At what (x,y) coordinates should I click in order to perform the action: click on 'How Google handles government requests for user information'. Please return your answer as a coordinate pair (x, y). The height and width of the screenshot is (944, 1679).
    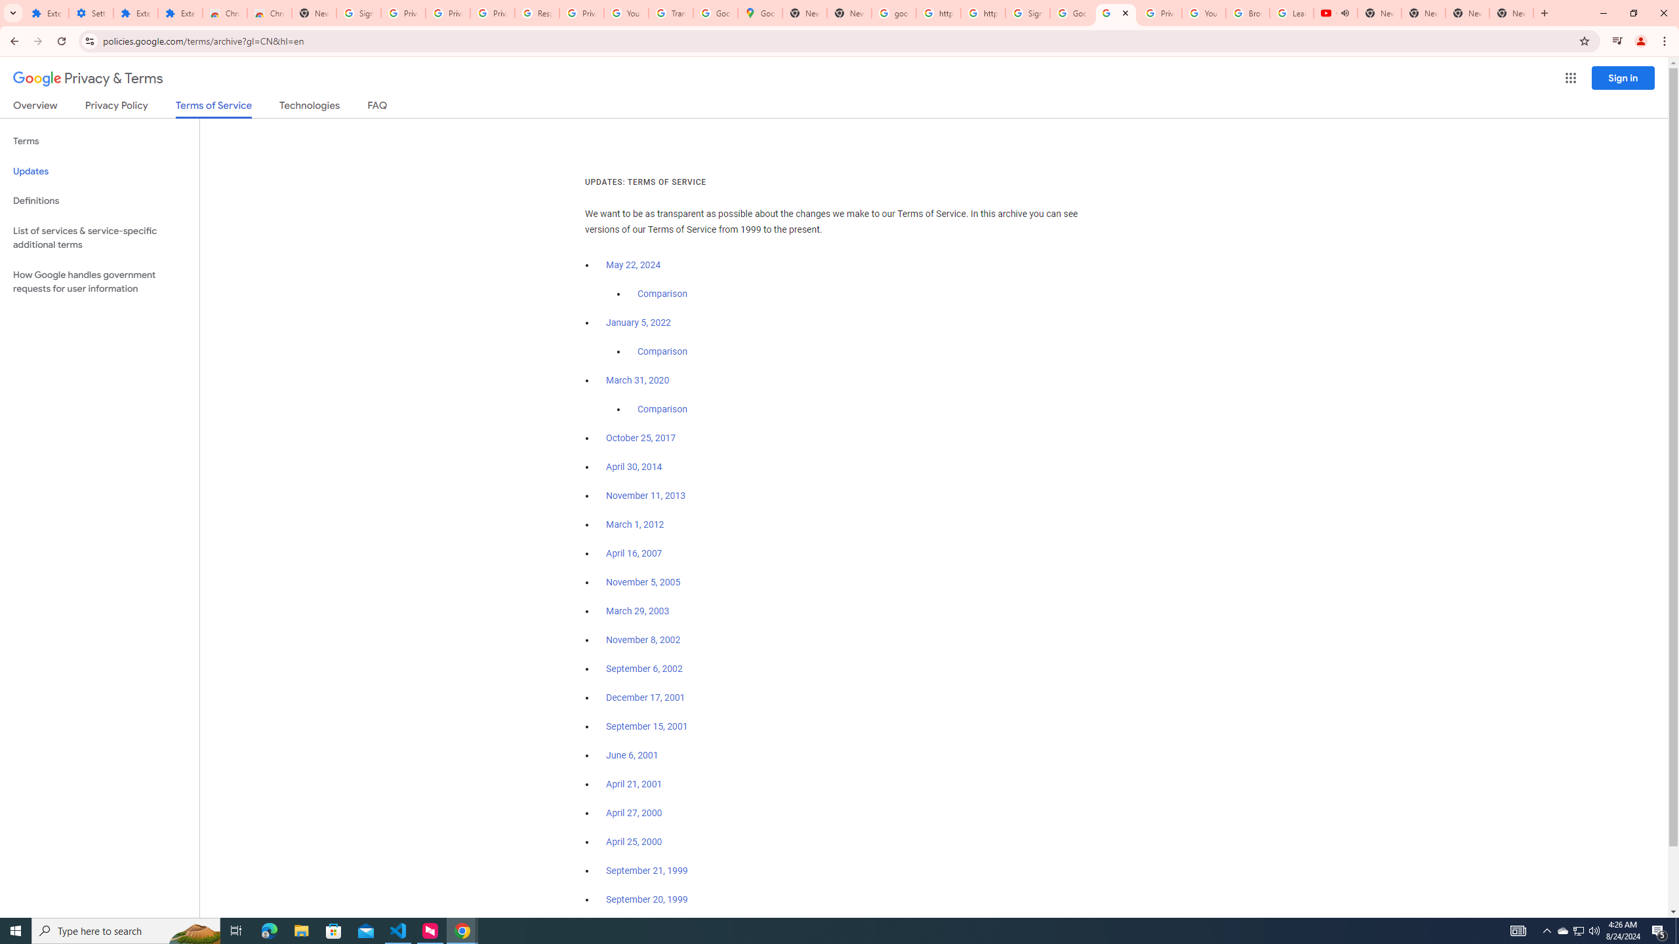
    Looking at the image, I should click on (99, 281).